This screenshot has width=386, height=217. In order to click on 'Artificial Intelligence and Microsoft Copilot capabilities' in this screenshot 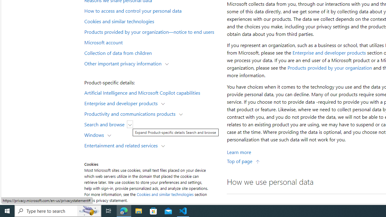, I will do `click(152, 92)`.